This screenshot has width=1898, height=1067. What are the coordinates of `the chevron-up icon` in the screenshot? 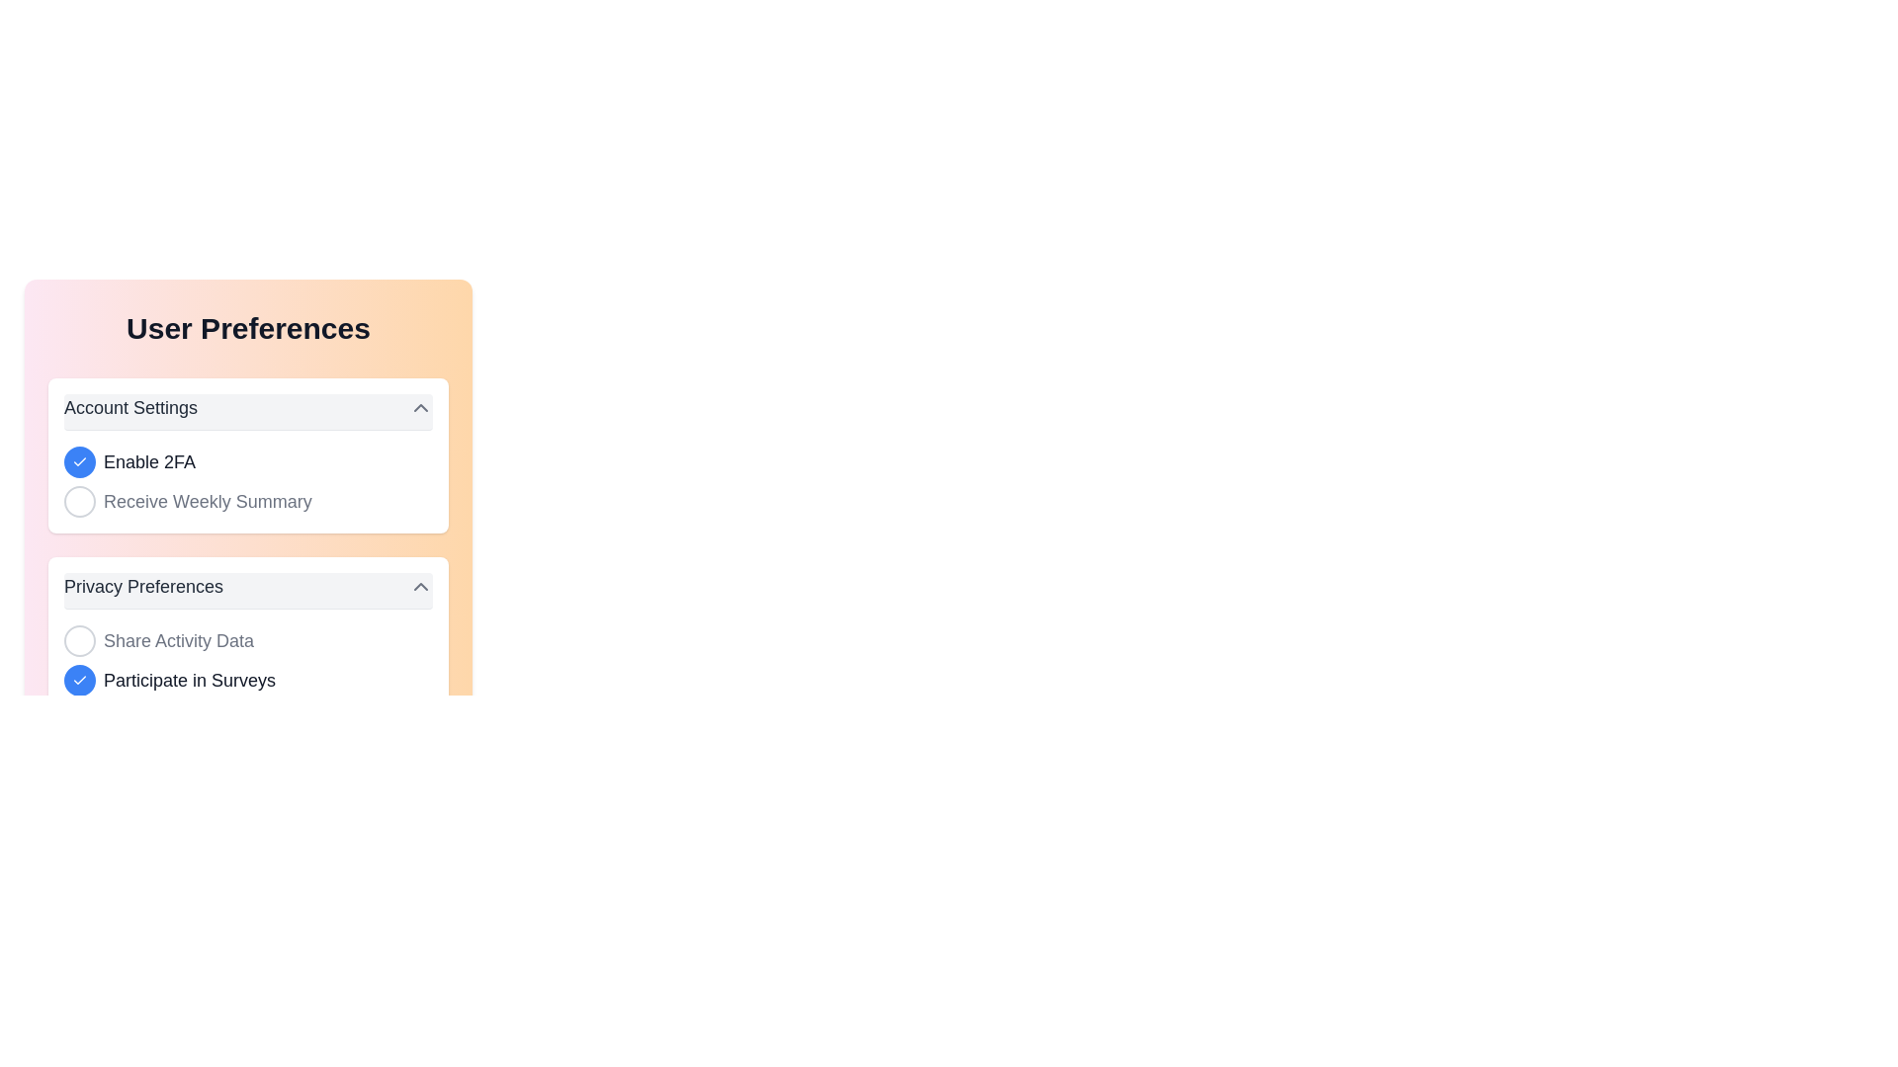 It's located at (420, 586).